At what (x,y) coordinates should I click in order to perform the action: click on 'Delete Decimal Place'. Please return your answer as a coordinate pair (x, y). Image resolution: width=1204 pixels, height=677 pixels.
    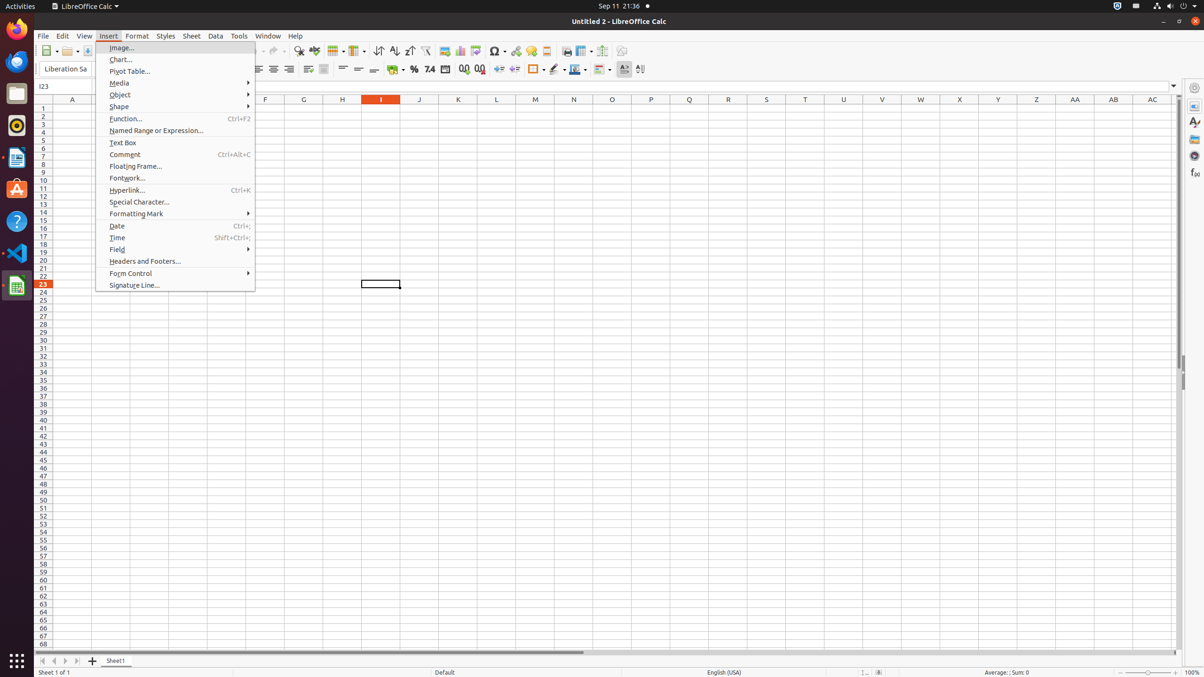
    Looking at the image, I should click on (479, 69).